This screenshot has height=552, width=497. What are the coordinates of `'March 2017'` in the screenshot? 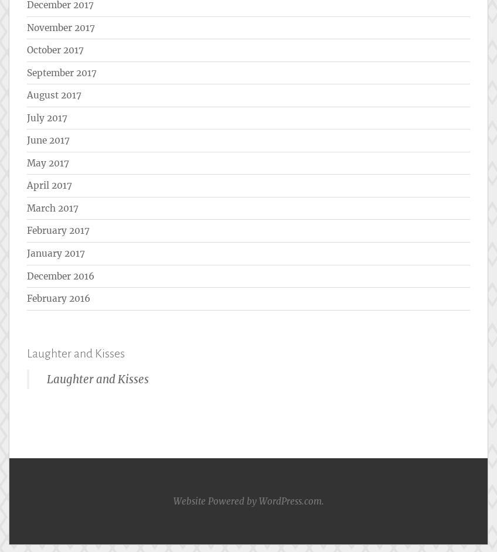 It's located at (26, 207).